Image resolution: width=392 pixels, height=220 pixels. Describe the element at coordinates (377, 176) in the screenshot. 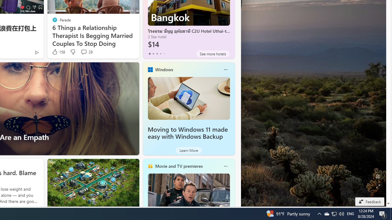

I see `'Edit Background'` at that location.